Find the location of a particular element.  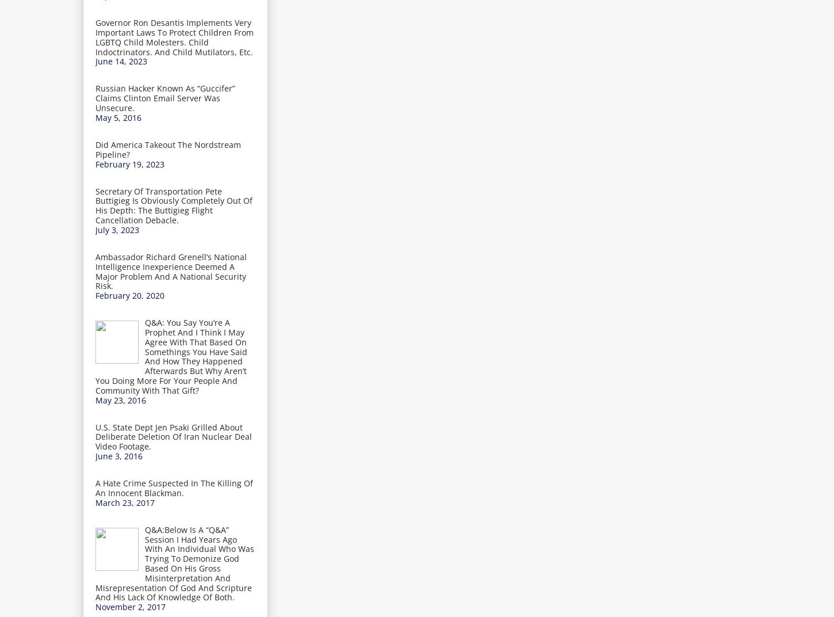

'Secretary Of Transportation Pete Buttigieg Is Obviously Completely Out Of His Depth: The Buttigieg Flight Cancellation Debacle.' is located at coordinates (174, 205).